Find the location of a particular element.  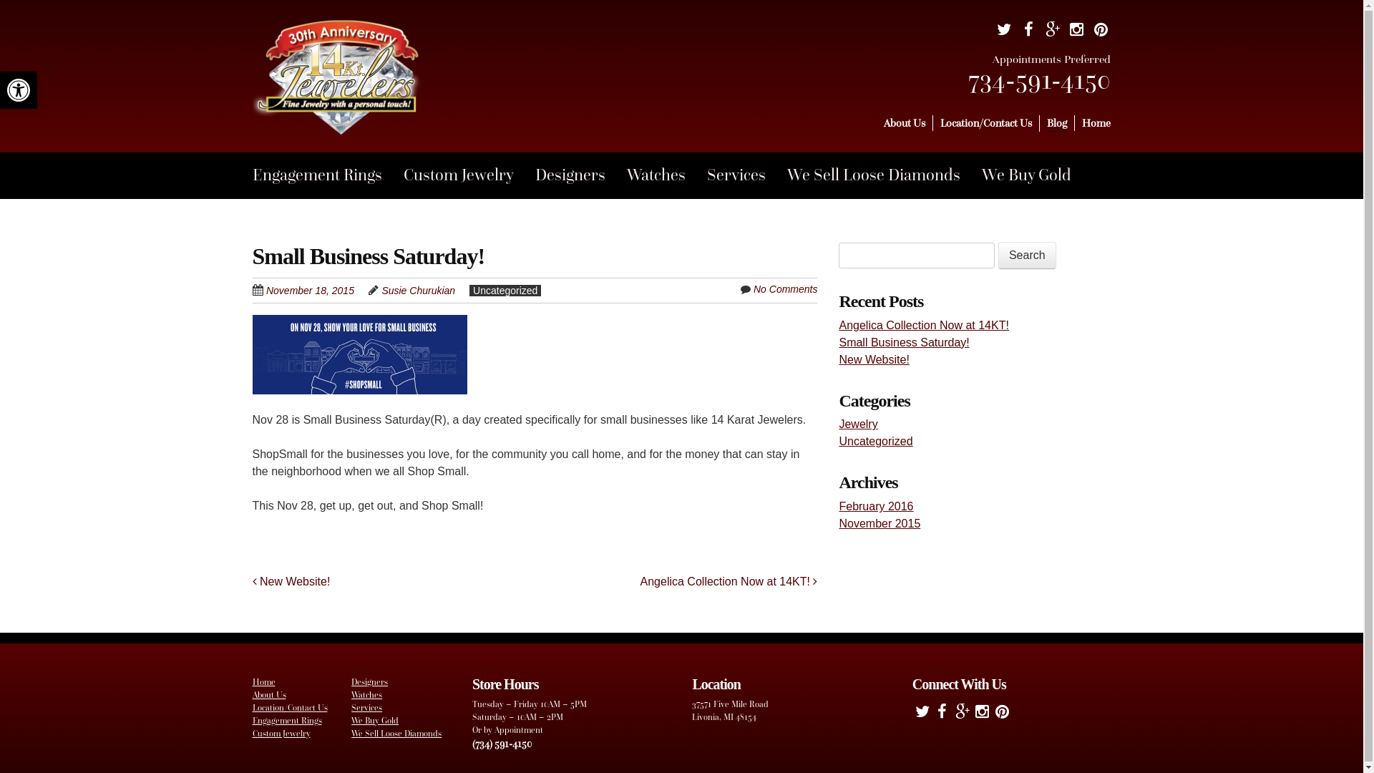

'Open toolbar is located at coordinates (18, 90).